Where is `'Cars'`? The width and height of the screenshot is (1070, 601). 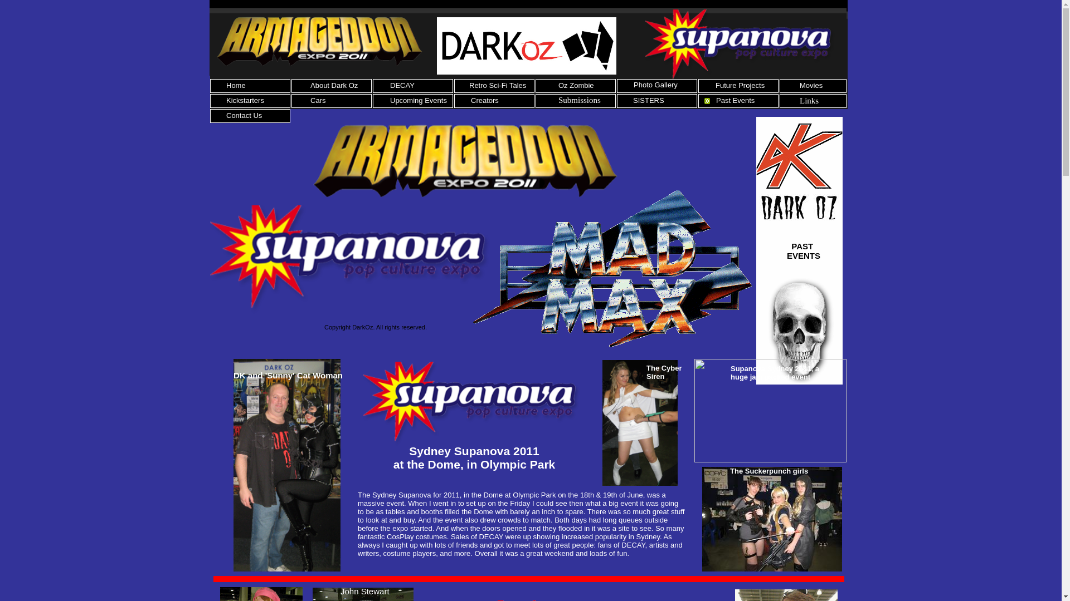 'Cars' is located at coordinates (310, 100).